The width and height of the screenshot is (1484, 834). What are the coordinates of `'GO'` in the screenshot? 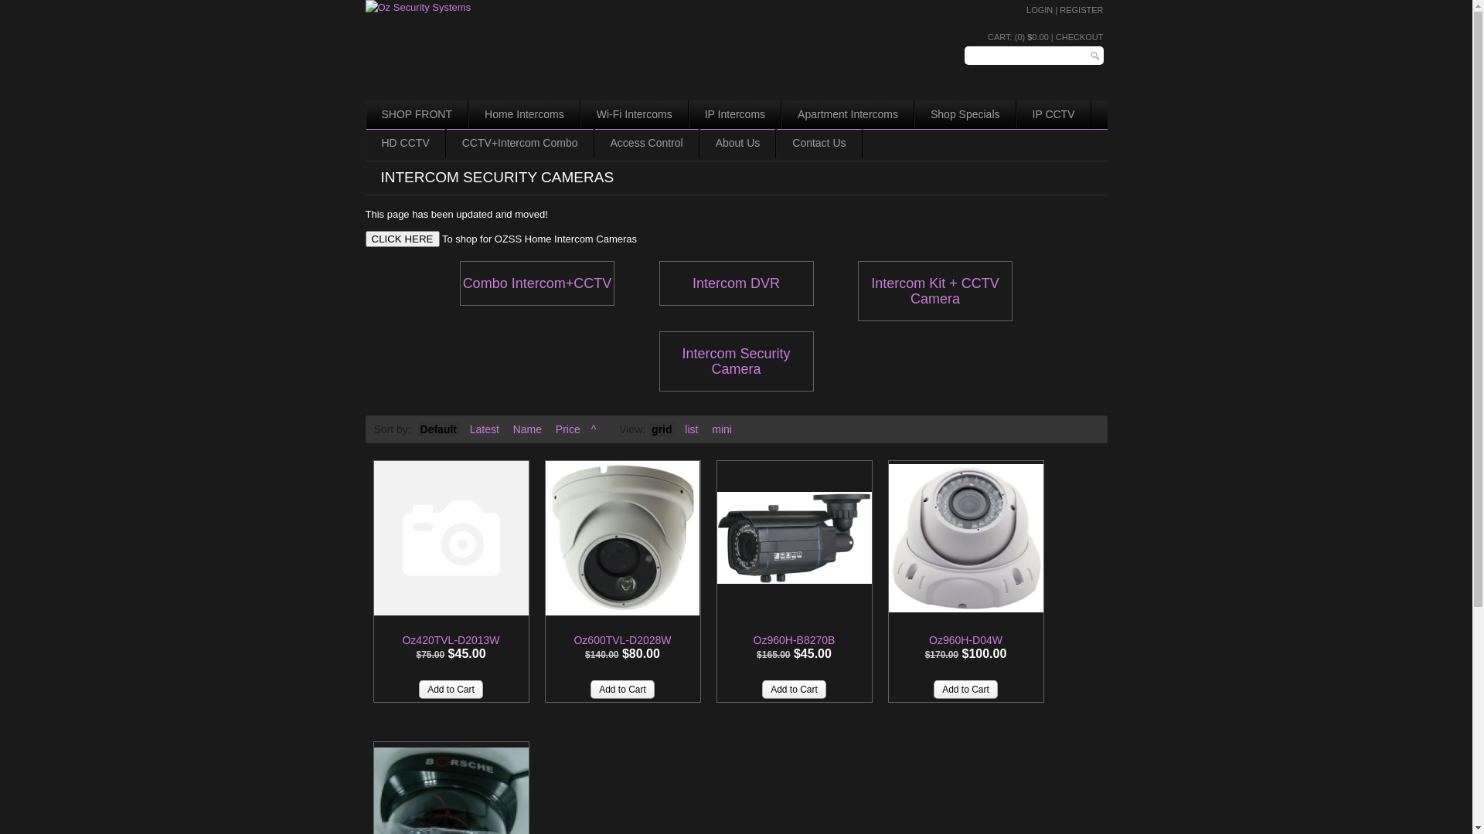 It's located at (1094, 55).